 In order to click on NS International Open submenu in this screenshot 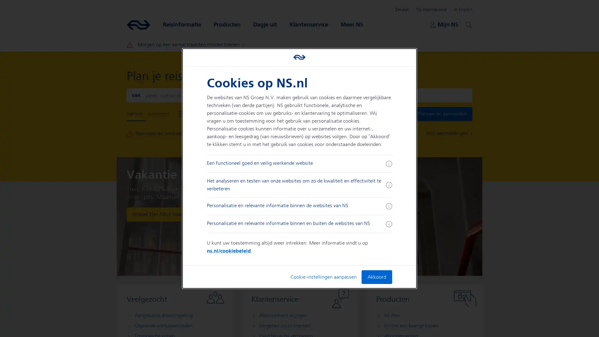, I will do `click(431, 9)`.